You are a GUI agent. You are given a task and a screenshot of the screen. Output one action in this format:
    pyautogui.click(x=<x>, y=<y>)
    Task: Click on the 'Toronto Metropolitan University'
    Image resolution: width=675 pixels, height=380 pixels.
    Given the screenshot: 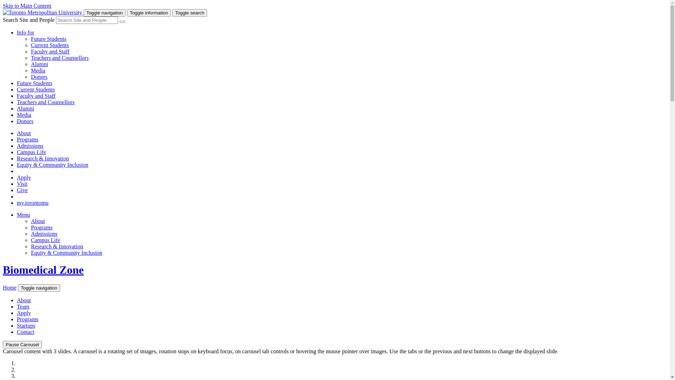 What is the action you would take?
    pyautogui.click(x=3, y=12)
    